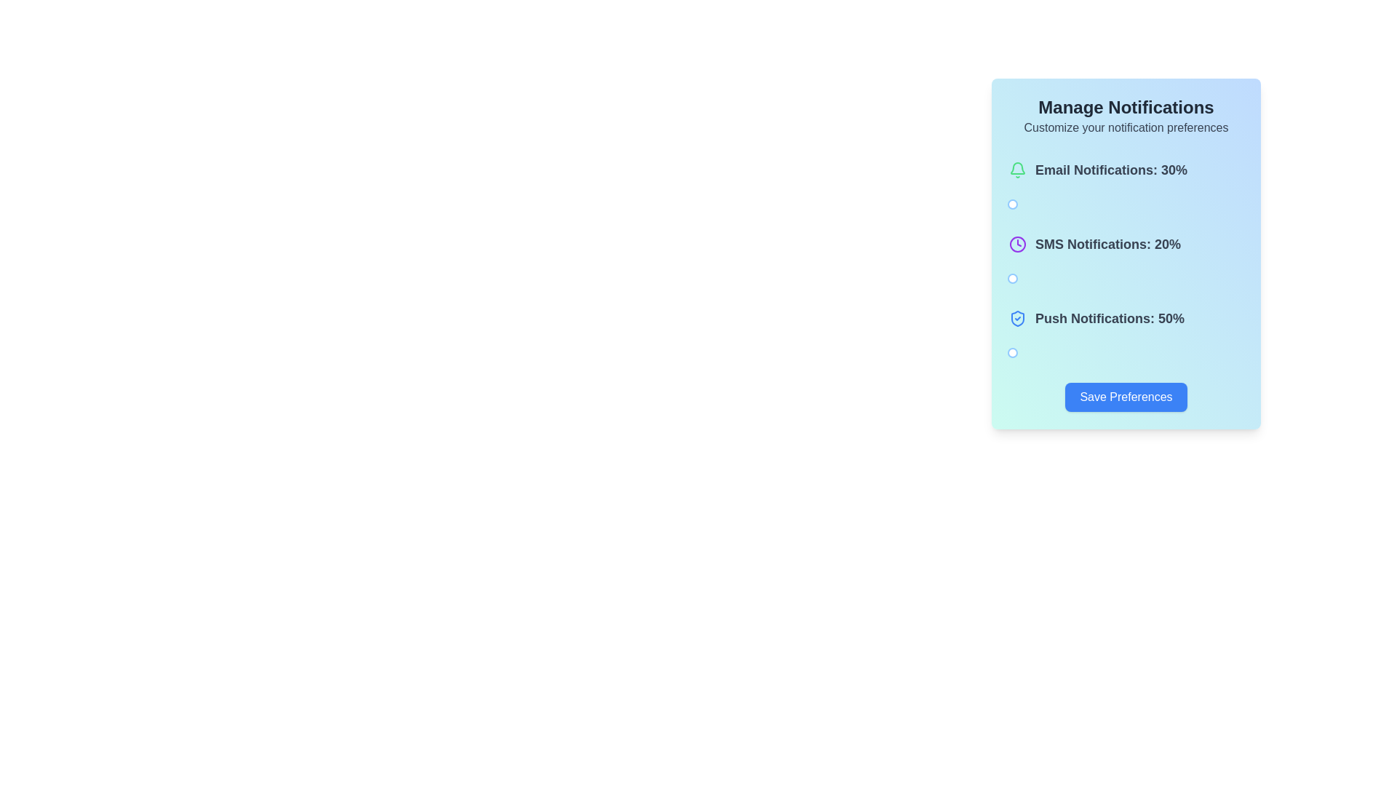 The image size is (1397, 786). I want to click on the 'Push Notifications' value, so click(1051, 353).